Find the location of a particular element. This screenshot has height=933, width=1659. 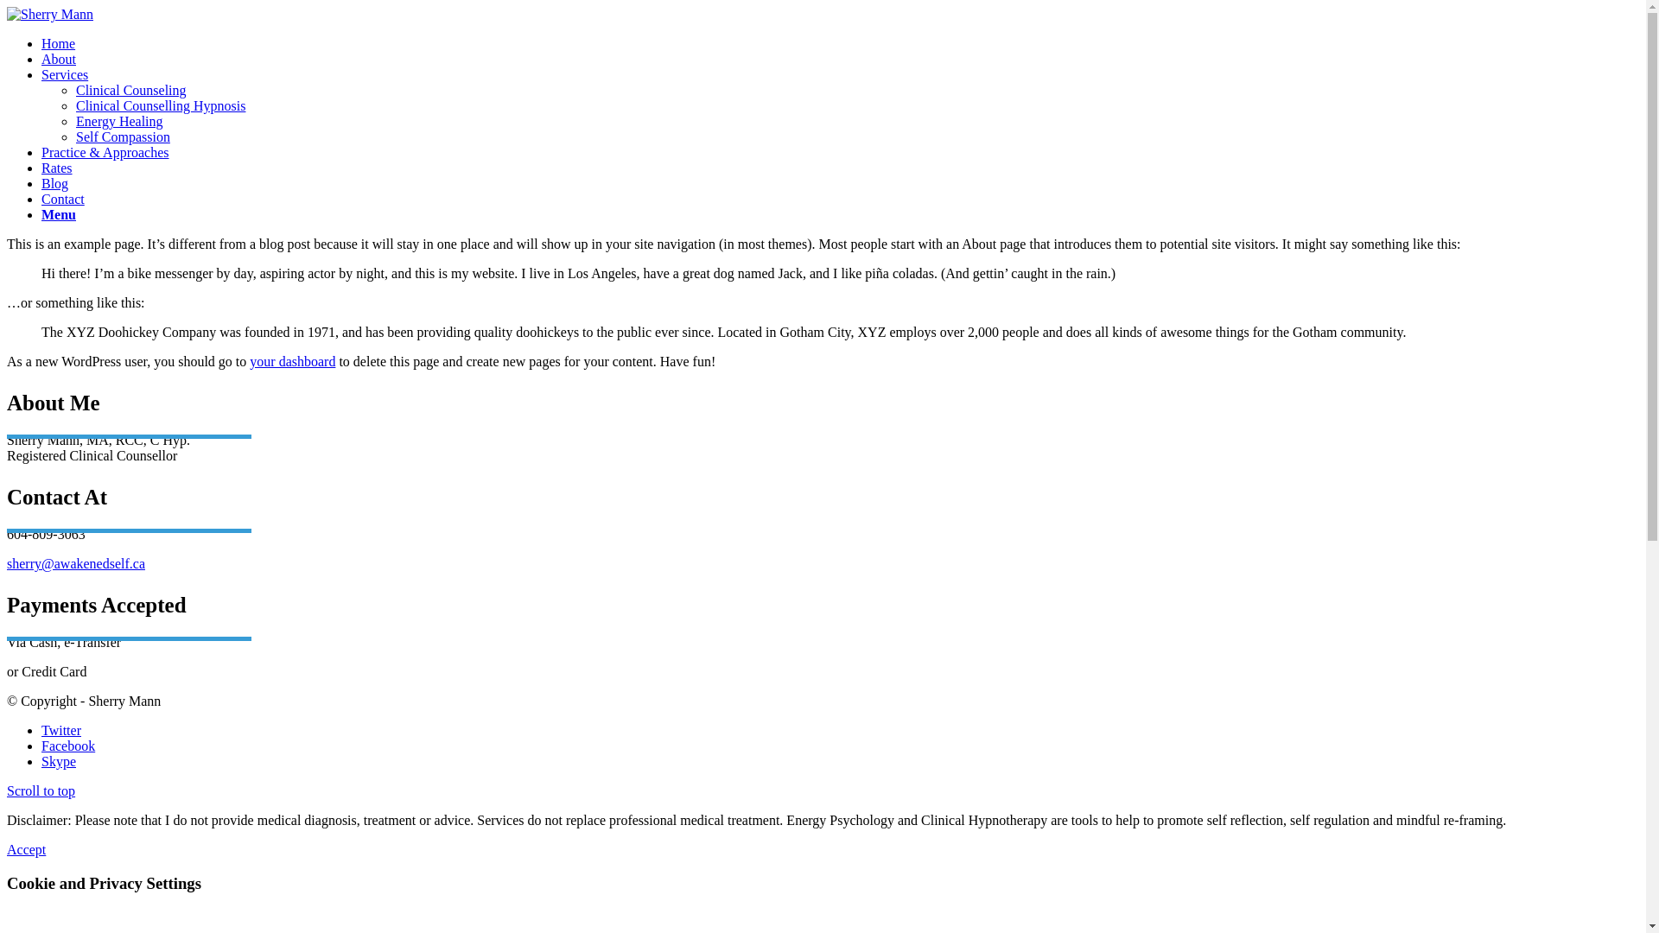

'Facebook' is located at coordinates (67, 745).